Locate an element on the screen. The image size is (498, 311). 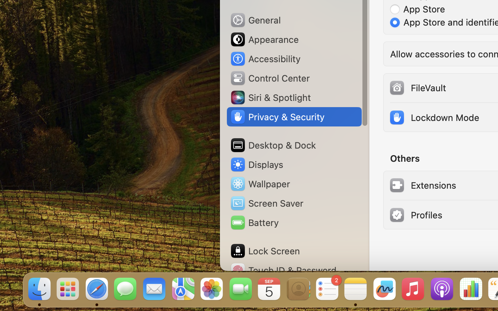
'Privacy & Security' is located at coordinates (277, 117).